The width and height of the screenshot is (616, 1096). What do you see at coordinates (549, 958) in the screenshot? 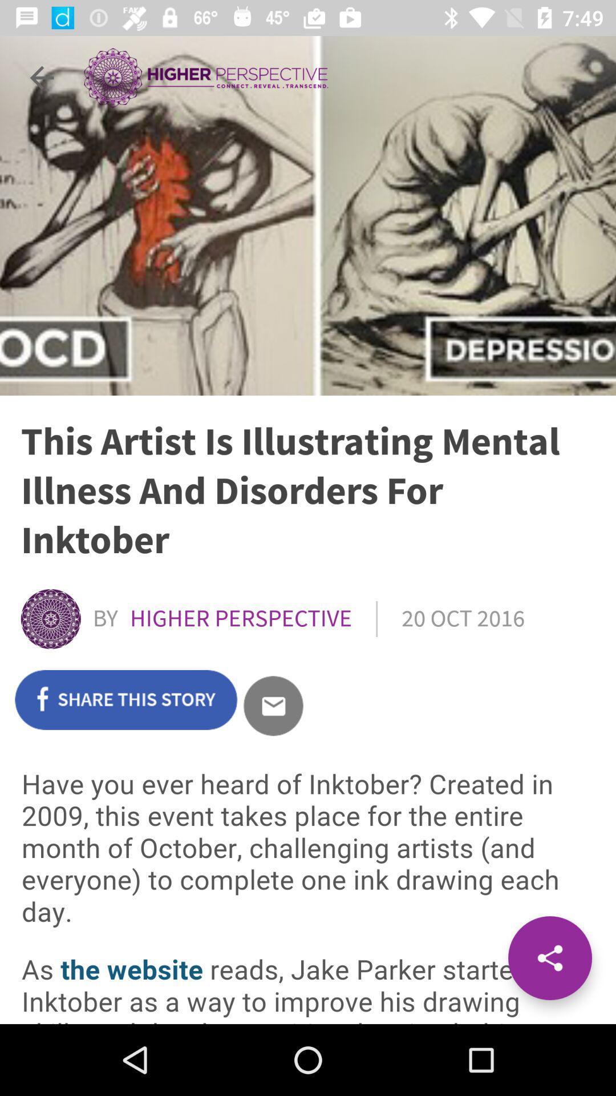
I see `the share icon` at bounding box center [549, 958].